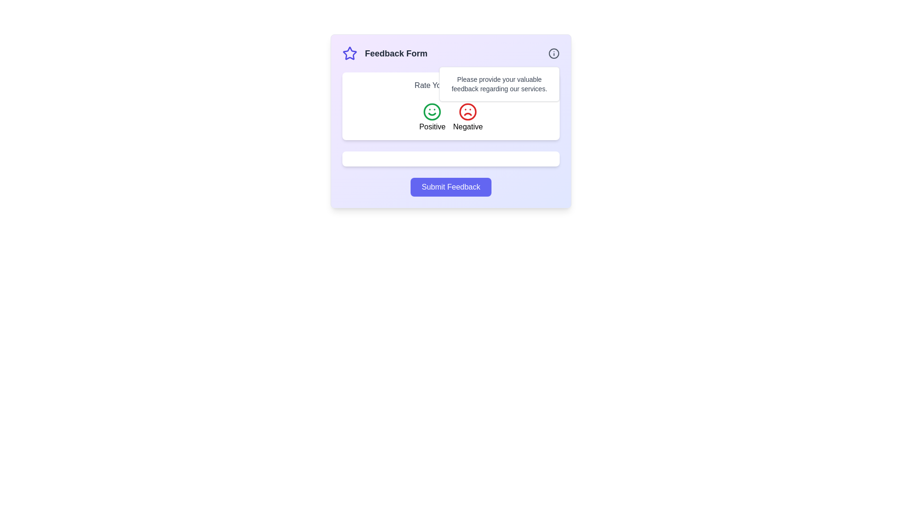 This screenshot has height=508, width=903. I want to click on the decorative star icon positioned at the top-left of the feedback form, aligned with the 'Feedback Form' title, so click(349, 54).